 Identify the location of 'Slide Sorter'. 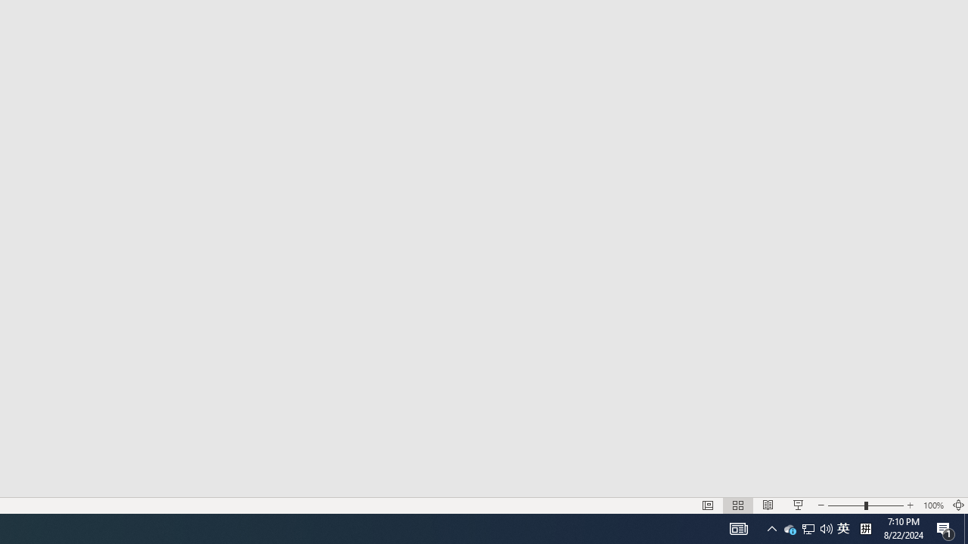
(738, 505).